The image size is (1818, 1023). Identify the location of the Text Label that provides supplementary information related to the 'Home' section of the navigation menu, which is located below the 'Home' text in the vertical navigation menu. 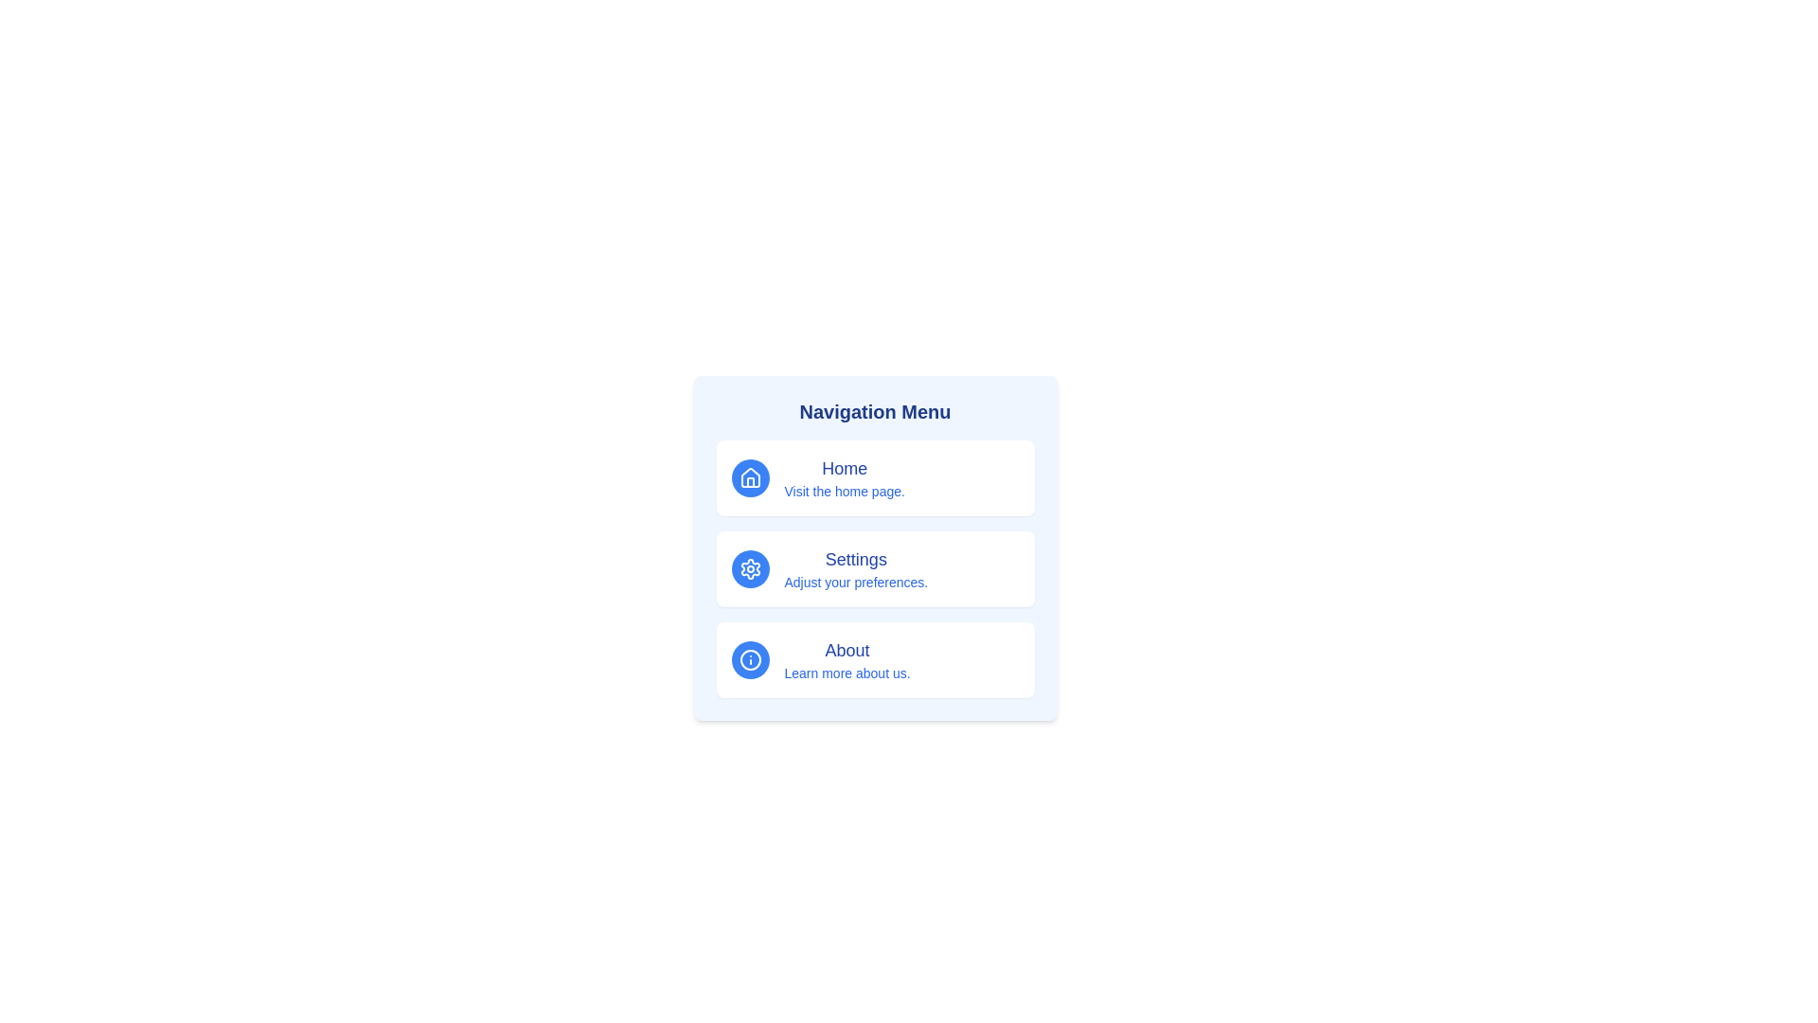
(844, 491).